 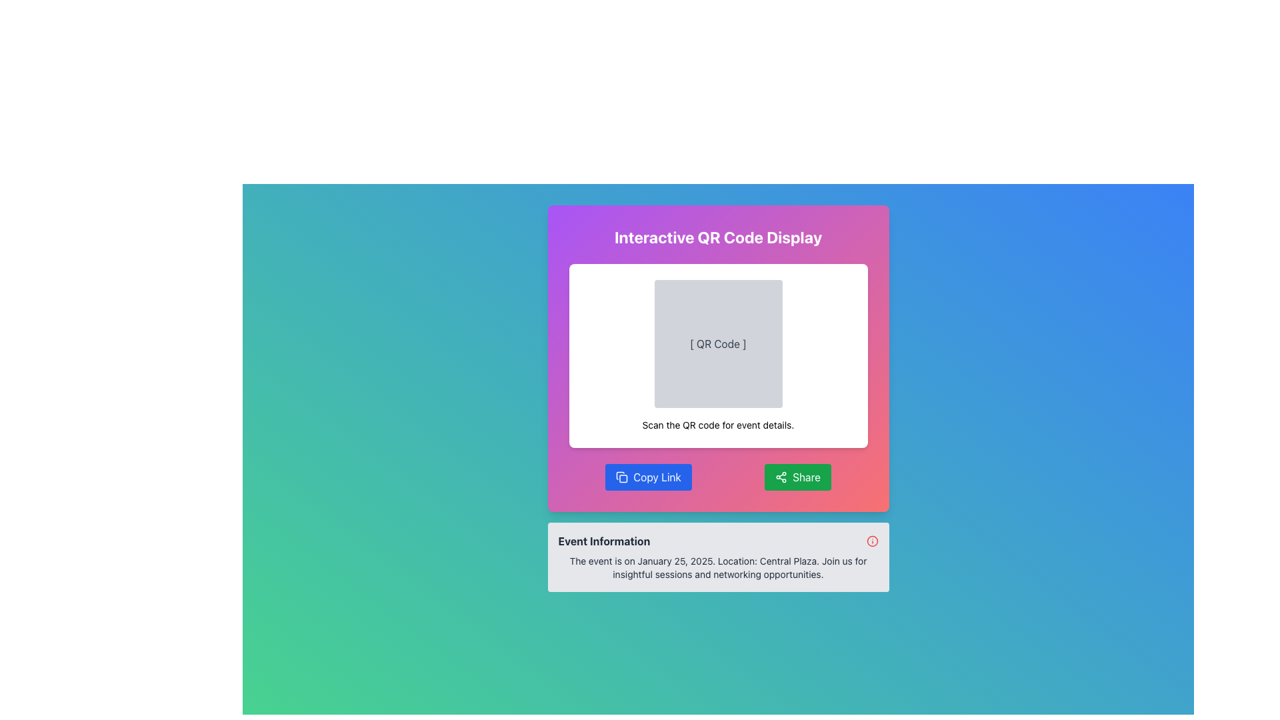 I want to click on the icon within the green 'Share' button, which is located beneath the central QR Code display area, to facilitate sharing the QR code or associated content, so click(x=781, y=477).